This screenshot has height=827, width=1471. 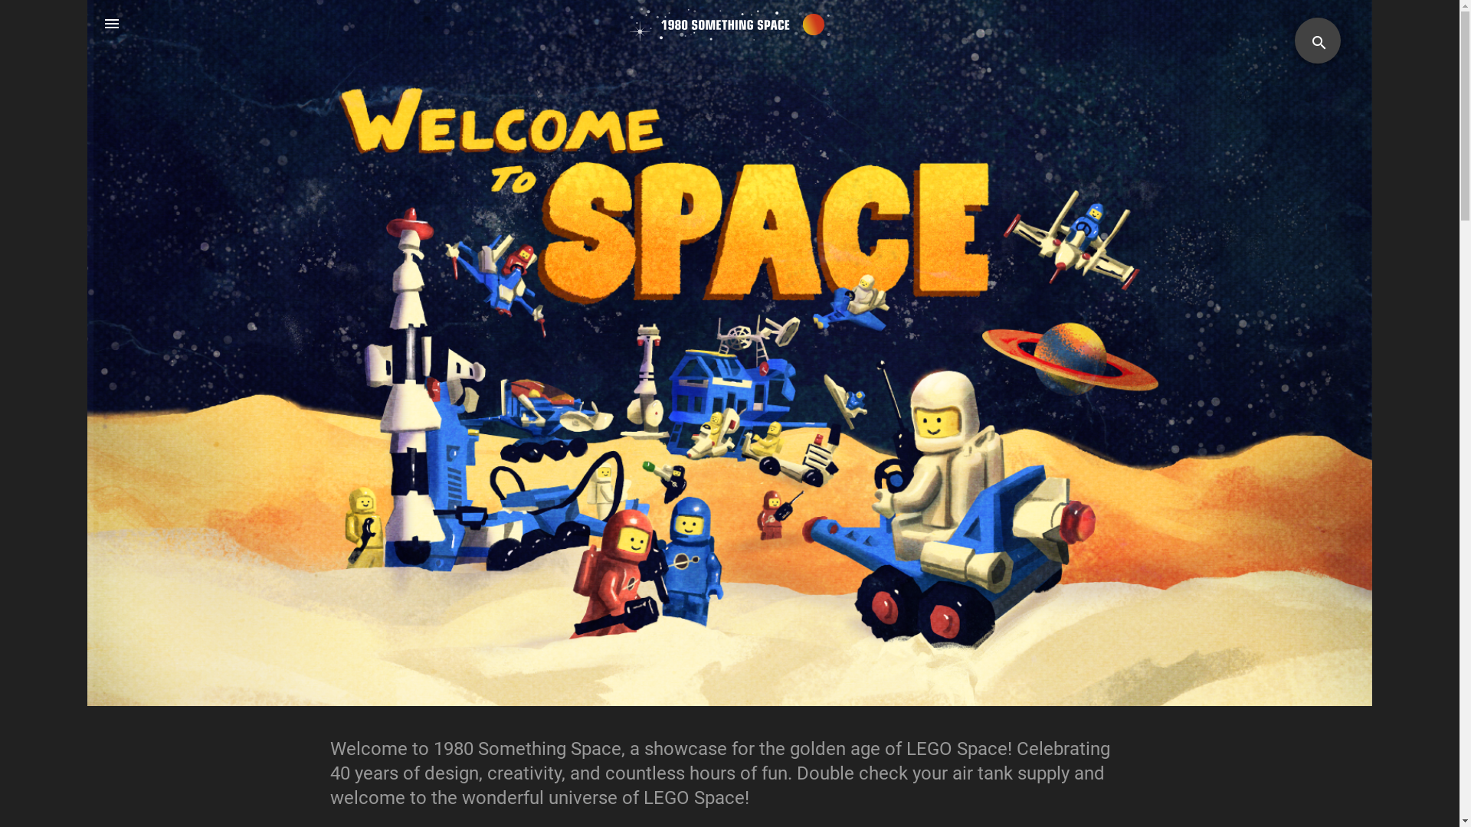 I want to click on 'menu', so click(x=87, y=24).